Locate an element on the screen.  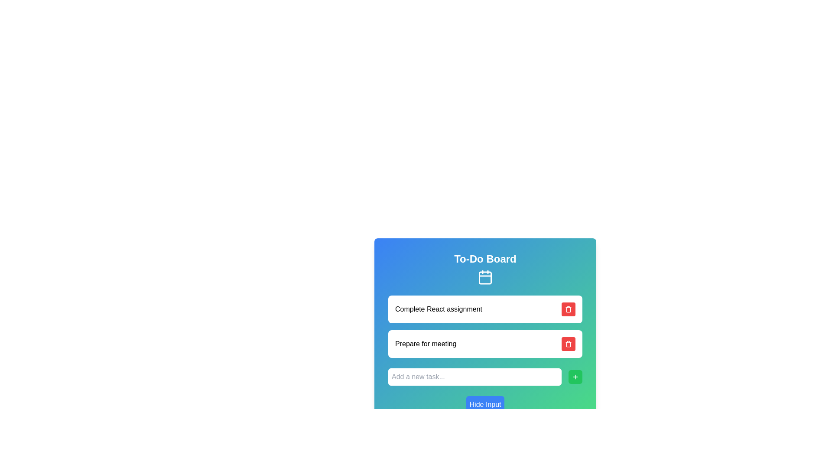
the button at the bottom of the card interface to hide the input field above it is located at coordinates (484, 404).